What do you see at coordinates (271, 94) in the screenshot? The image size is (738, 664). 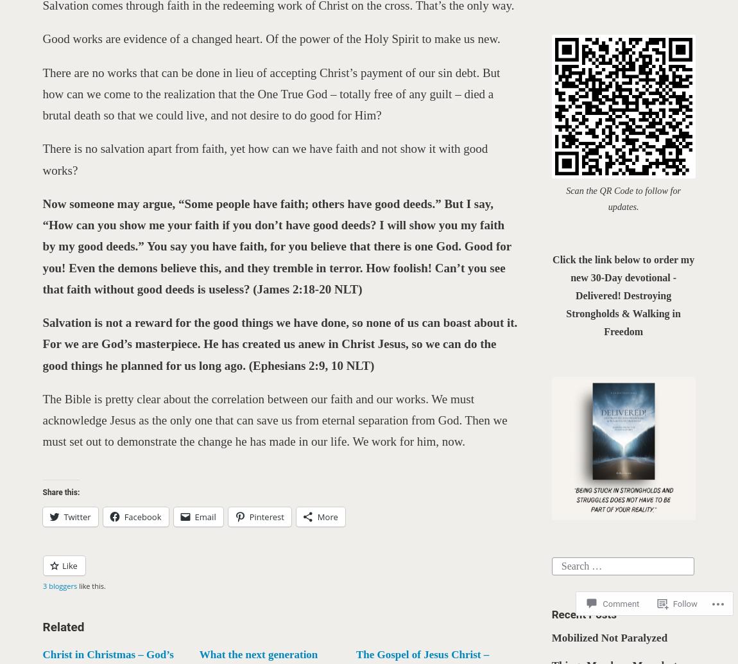 I see `'There are no works that can be done in lieu of accepting Christ’s payment of our sin debt. But how can we come to the realization that the One True God – totally free of any guilt – died a brutal death so that we could live, and not desire to do good for Him?'` at bounding box center [271, 94].